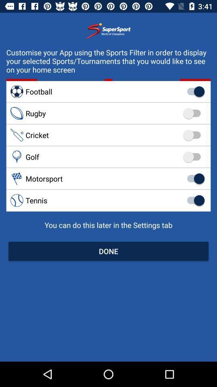 The image size is (217, 387). What do you see at coordinates (108, 179) in the screenshot?
I see `the motorsport` at bounding box center [108, 179].